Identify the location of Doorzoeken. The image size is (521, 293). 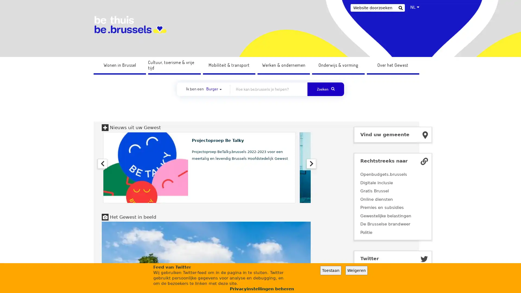
(400, 8).